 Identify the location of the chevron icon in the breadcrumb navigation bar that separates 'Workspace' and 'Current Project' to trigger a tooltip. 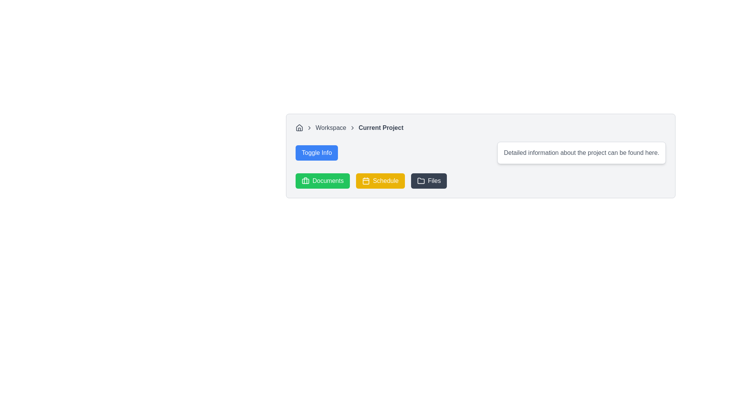
(352, 127).